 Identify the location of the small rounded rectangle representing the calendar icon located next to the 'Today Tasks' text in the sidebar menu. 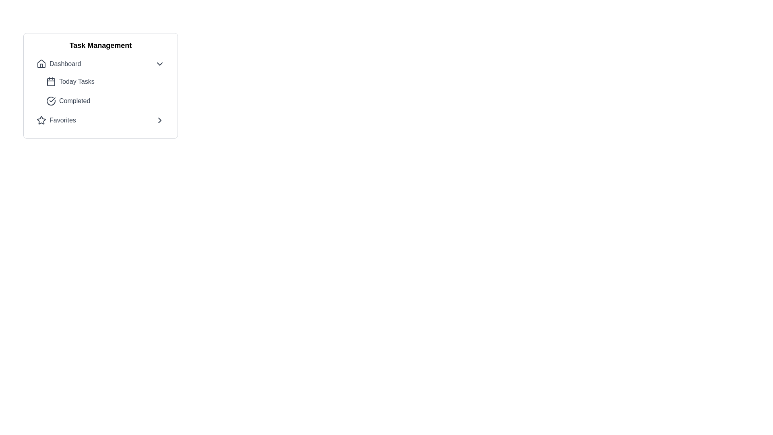
(50, 82).